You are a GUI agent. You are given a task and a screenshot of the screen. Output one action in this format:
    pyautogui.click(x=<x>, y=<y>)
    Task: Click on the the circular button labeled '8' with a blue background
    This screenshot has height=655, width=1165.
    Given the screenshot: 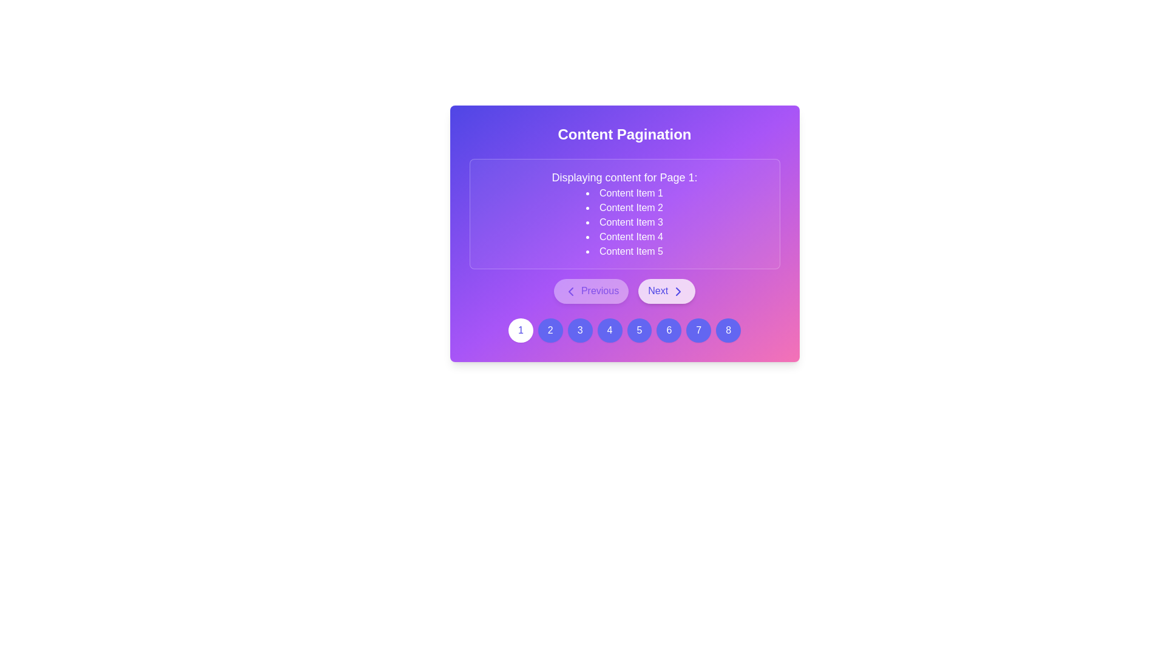 What is the action you would take?
    pyautogui.click(x=728, y=330)
    